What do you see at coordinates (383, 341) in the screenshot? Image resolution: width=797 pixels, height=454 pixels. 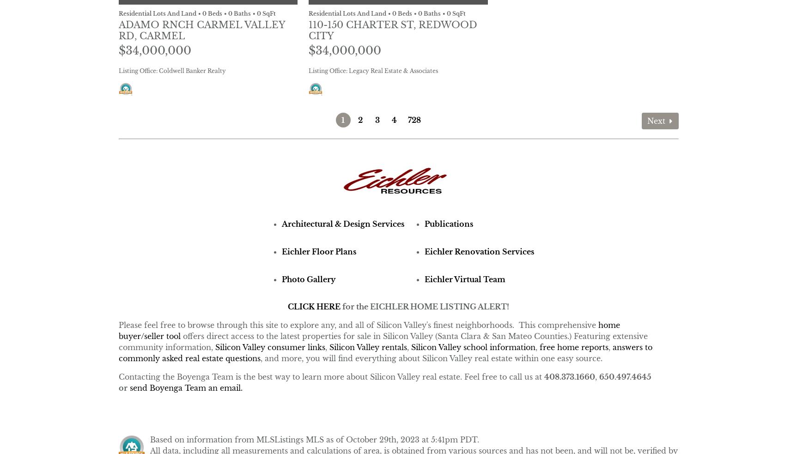 I see `'offers direct access to the latest properties for sale in Silicon 
Valley (Santa Clara & San Mateo Counties.) Featuring extensive 
community information,'` at bounding box center [383, 341].